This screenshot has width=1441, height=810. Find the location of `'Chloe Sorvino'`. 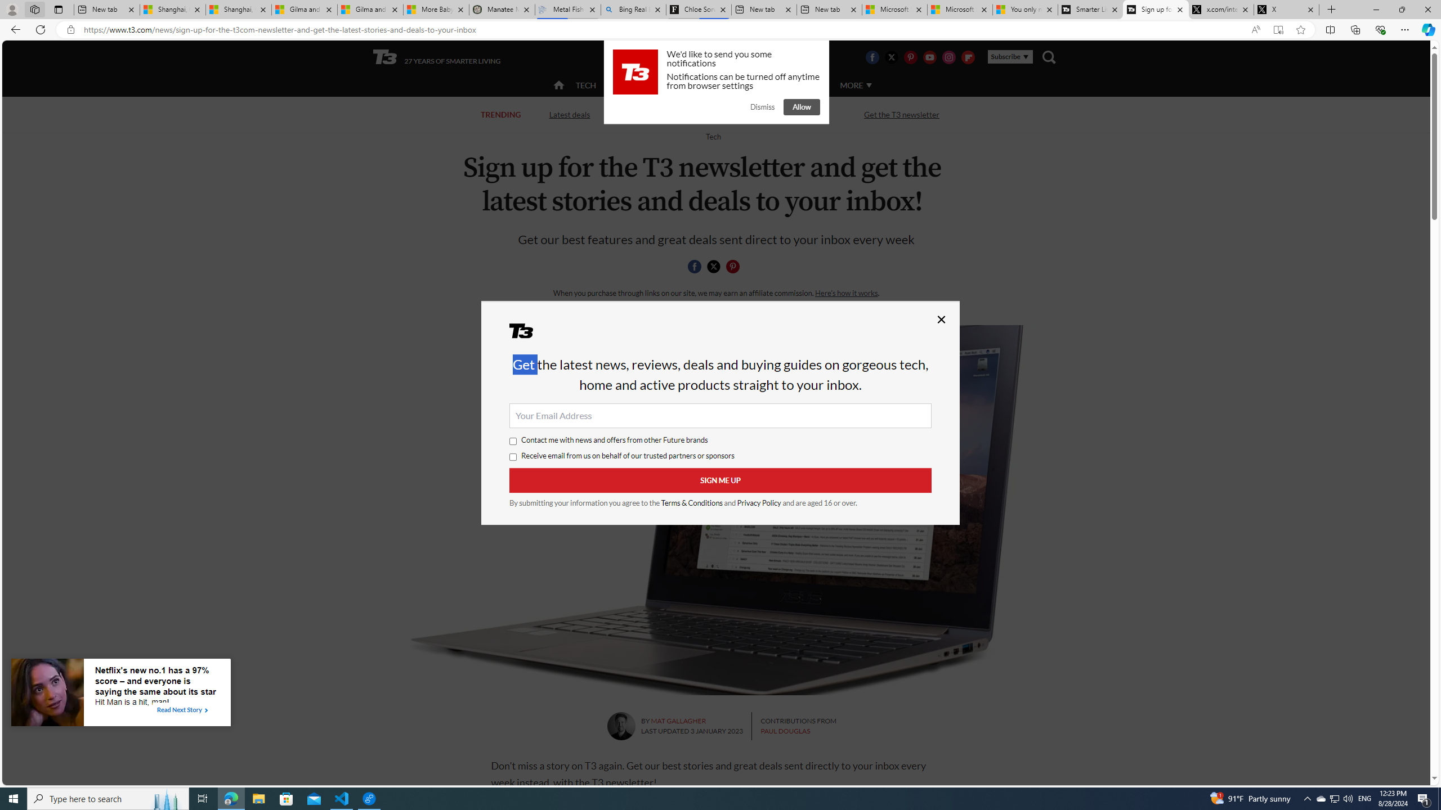

'Chloe Sorvino' is located at coordinates (698, 9).